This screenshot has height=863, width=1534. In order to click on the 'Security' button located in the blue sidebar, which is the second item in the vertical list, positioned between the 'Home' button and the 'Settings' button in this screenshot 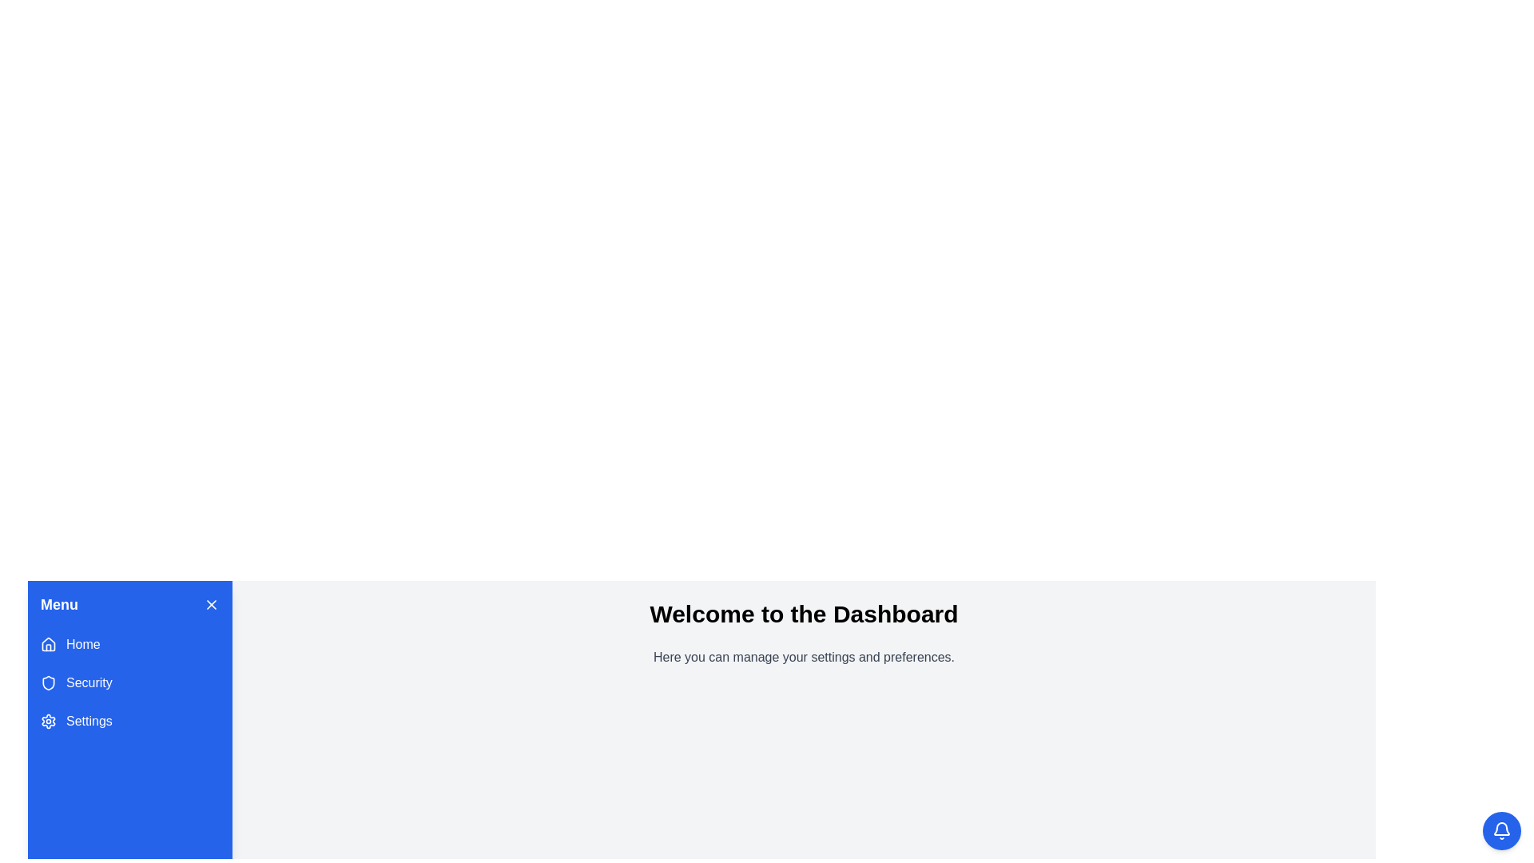, I will do `click(130, 683)`.